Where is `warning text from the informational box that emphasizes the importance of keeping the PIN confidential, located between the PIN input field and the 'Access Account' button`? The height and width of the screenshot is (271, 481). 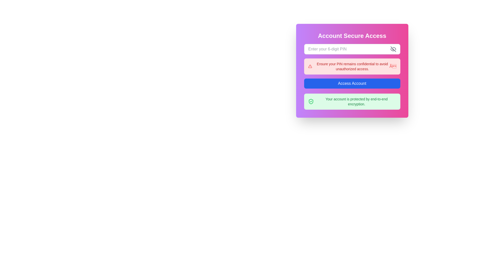
warning text from the informational box that emphasizes the importance of keeping the PIN confidential, located between the PIN input field and the 'Access Account' button is located at coordinates (352, 66).